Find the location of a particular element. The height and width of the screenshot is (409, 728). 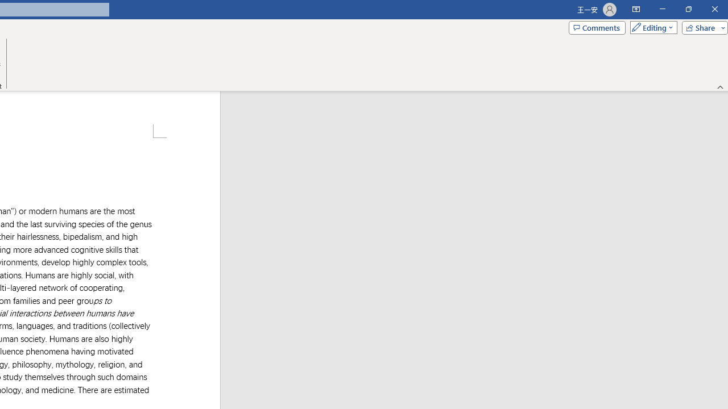

'Collapse the Ribbon' is located at coordinates (720, 86).